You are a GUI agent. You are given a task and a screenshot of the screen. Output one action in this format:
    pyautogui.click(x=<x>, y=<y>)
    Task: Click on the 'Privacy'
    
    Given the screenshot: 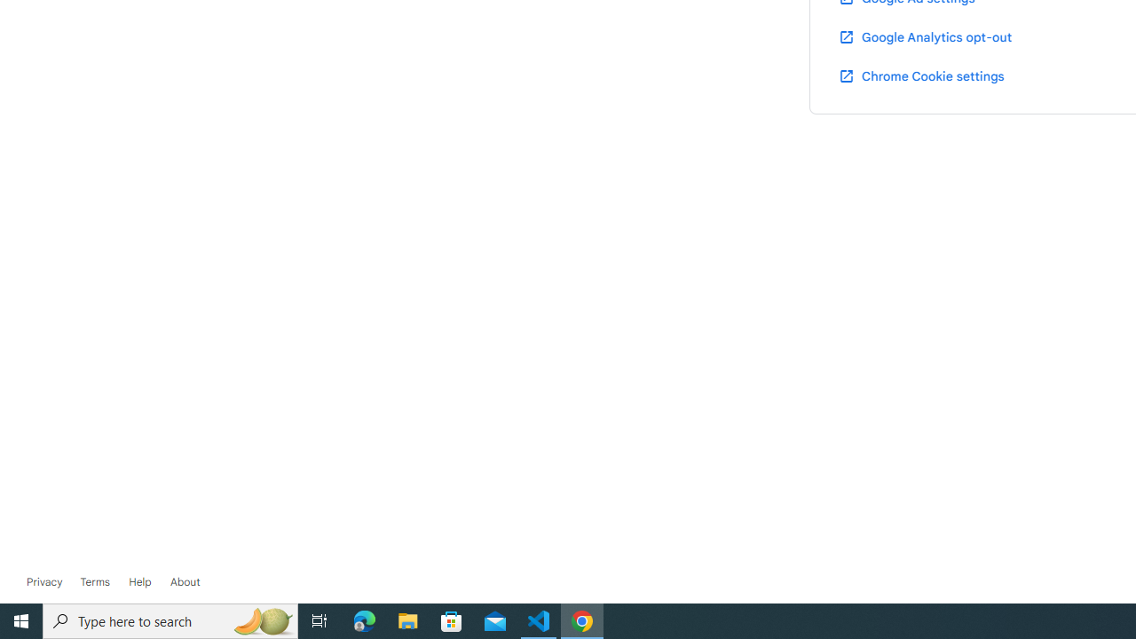 What is the action you would take?
    pyautogui.click(x=44, y=581)
    